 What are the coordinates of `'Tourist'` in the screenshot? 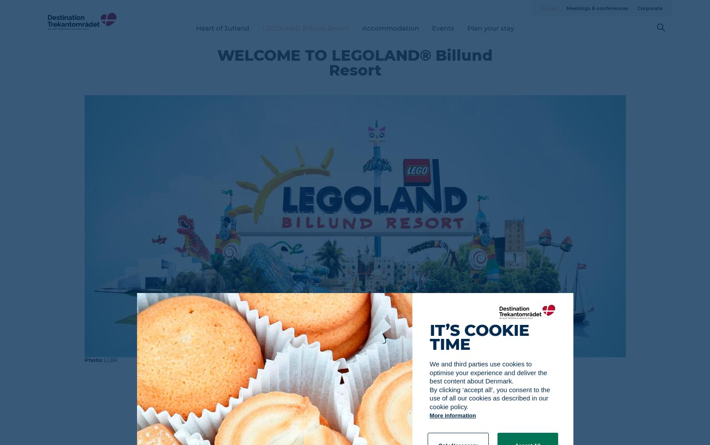 It's located at (548, 7).